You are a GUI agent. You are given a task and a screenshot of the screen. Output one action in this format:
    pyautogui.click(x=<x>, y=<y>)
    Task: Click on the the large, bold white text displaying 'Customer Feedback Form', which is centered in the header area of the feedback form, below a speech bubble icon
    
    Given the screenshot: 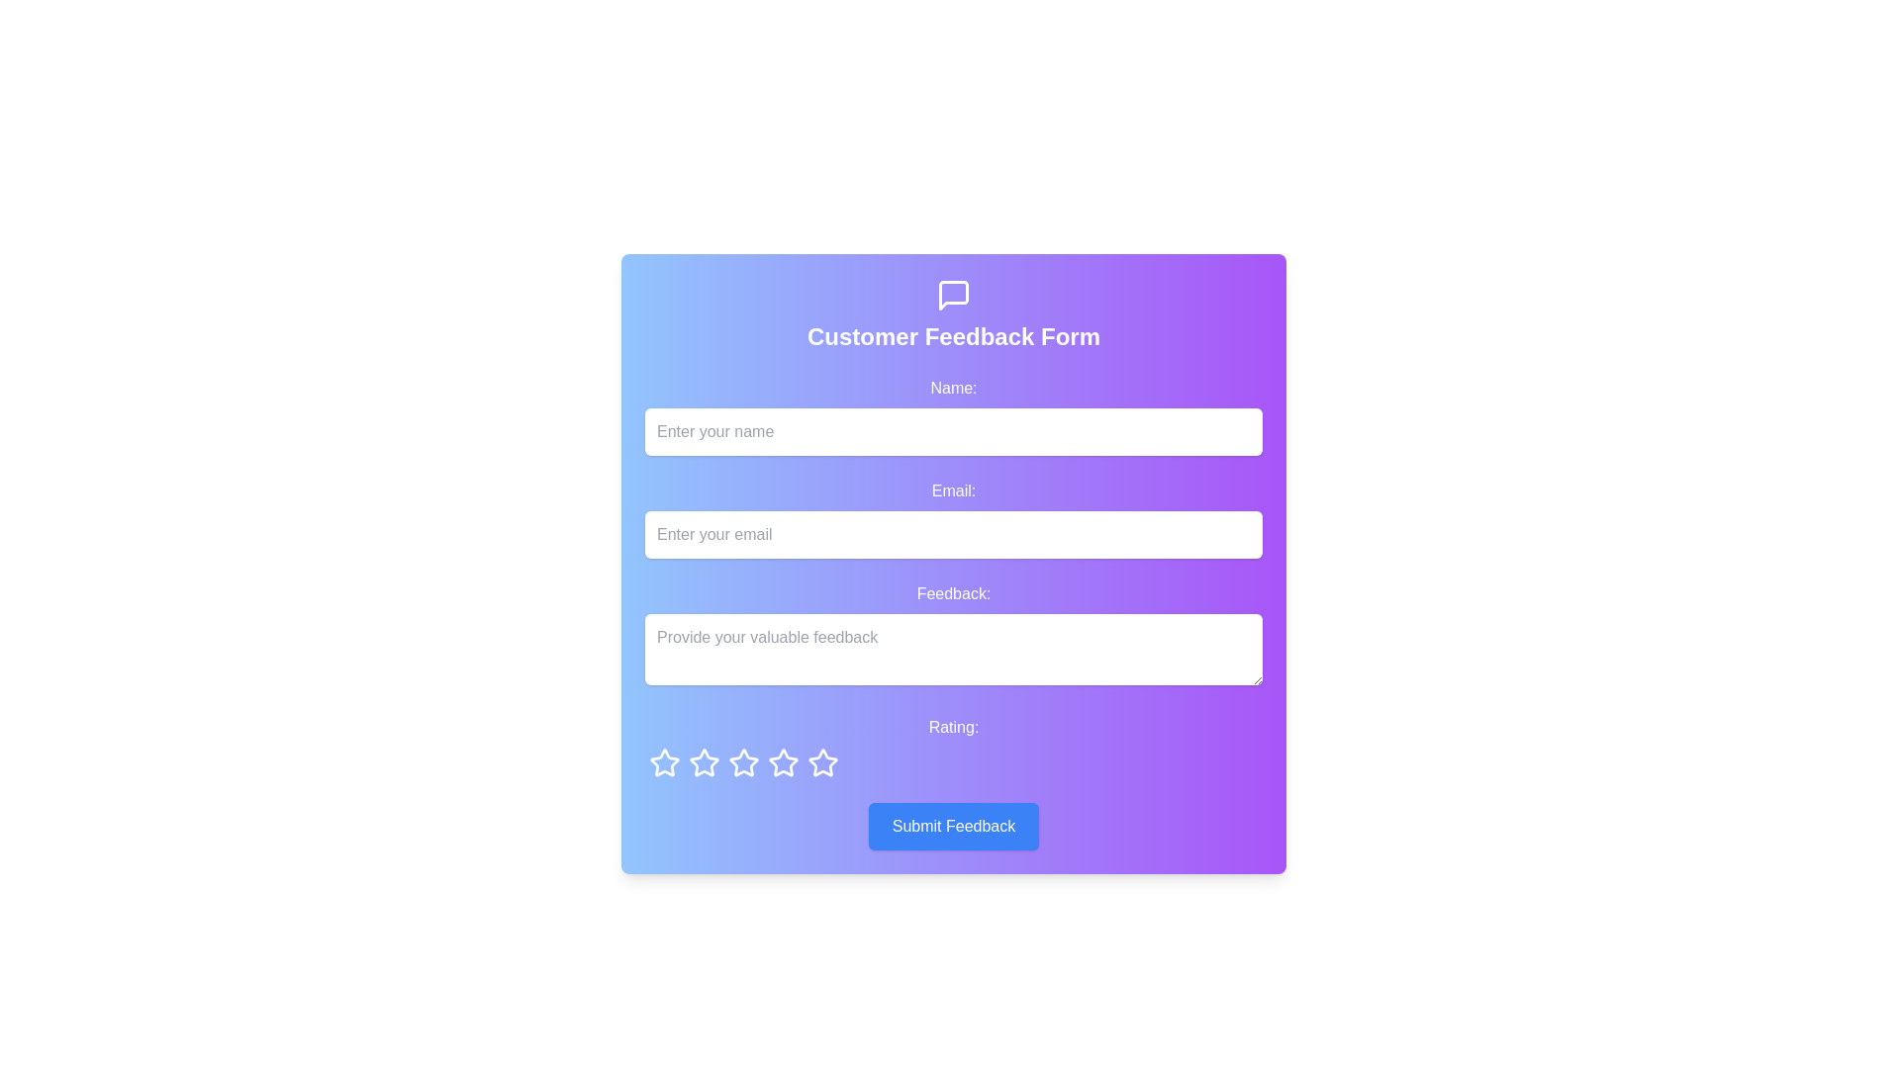 What is the action you would take?
    pyautogui.click(x=954, y=335)
    